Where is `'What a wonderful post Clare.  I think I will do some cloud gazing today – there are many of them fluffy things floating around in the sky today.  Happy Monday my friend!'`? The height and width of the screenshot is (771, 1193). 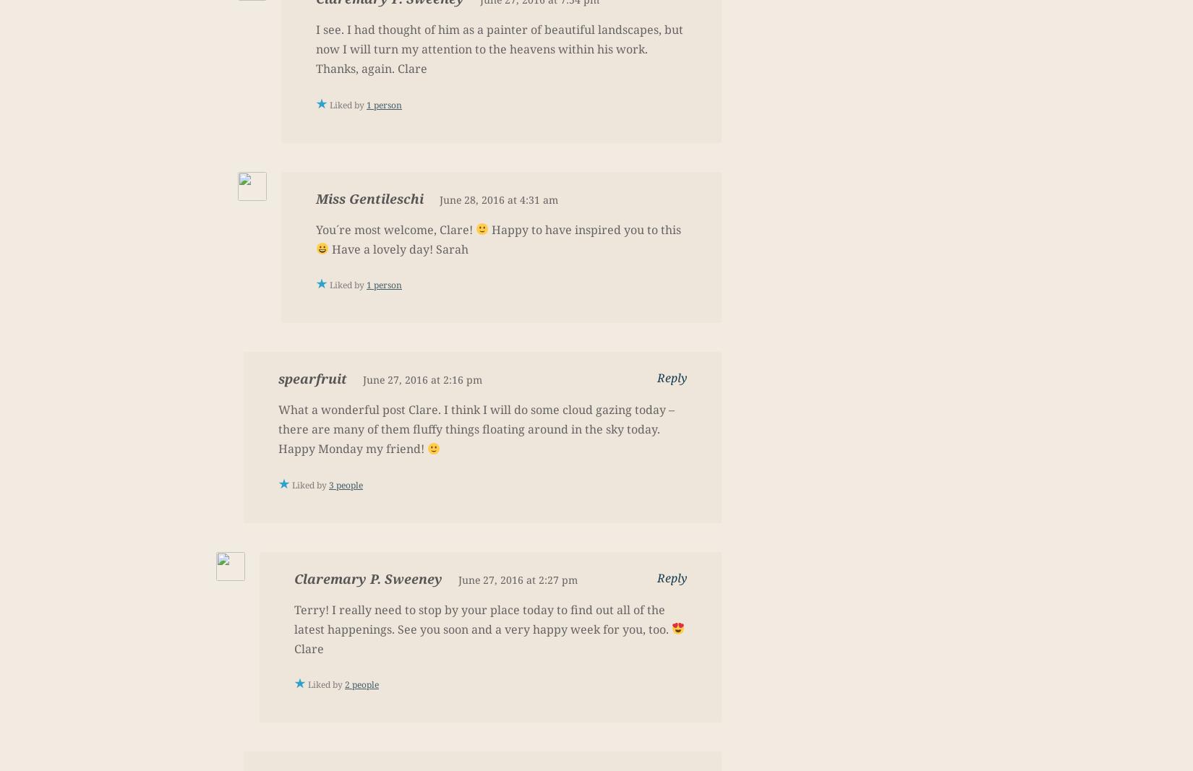 'What a wonderful post Clare.  I think I will do some cloud gazing today – there are many of them fluffy things floating around in the sky today.  Happy Monday my friend!' is located at coordinates (476, 428).